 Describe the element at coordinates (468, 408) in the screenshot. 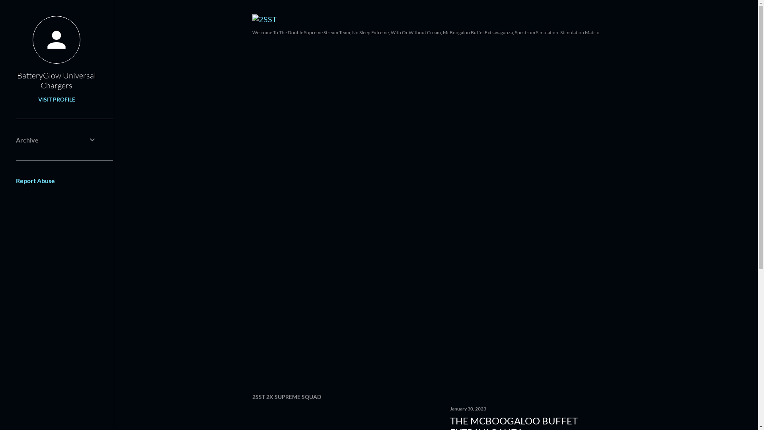

I see `'January 30, 2023'` at that location.